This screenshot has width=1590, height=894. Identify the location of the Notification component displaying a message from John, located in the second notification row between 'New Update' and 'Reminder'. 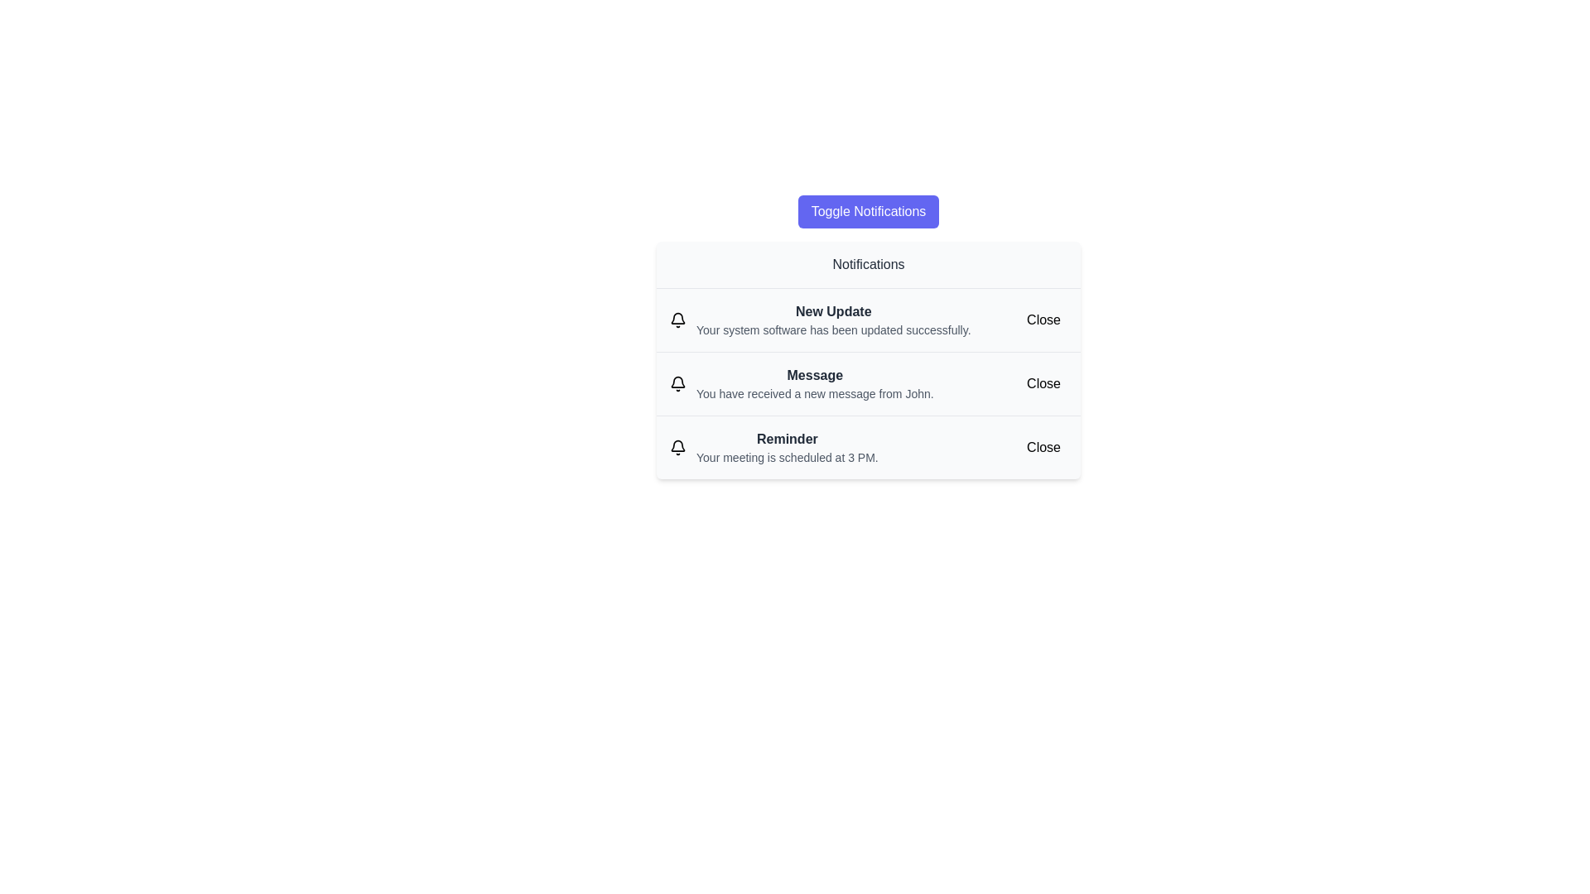
(815, 383).